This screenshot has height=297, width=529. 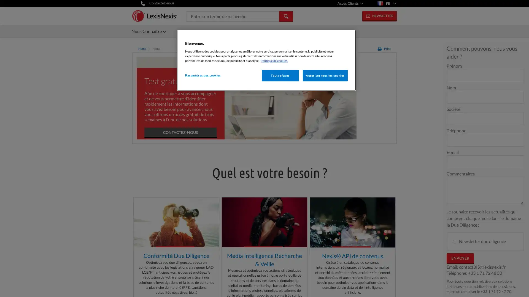 I want to click on Parametres des cookies, so click(x=203, y=75).